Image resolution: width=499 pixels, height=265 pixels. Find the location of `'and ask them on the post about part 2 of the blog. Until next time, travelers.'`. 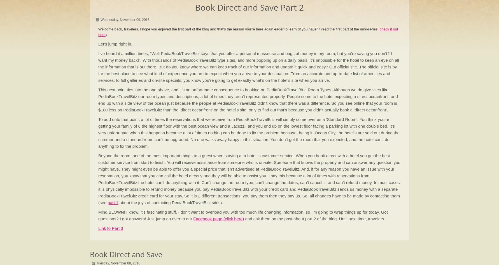

'and ask them on the post about part 2 of the blog. Until next time, travelers.' is located at coordinates (314, 219).